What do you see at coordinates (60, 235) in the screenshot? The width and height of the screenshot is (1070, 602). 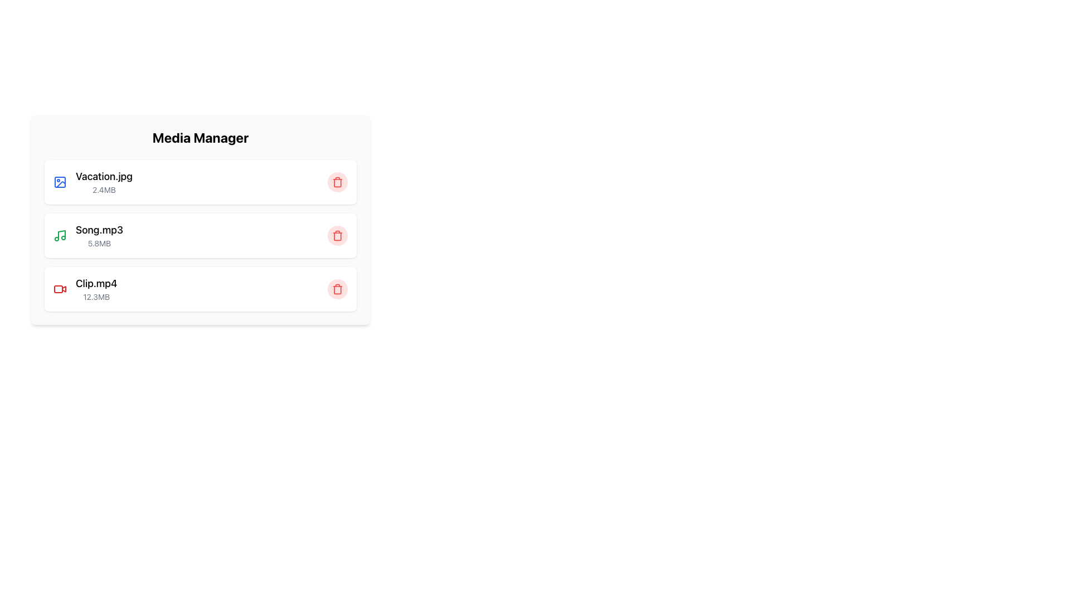 I see `the audio file icon located to the left of the text components 'Song.mp3' and '5.8MB' in the second entry of the media list` at bounding box center [60, 235].